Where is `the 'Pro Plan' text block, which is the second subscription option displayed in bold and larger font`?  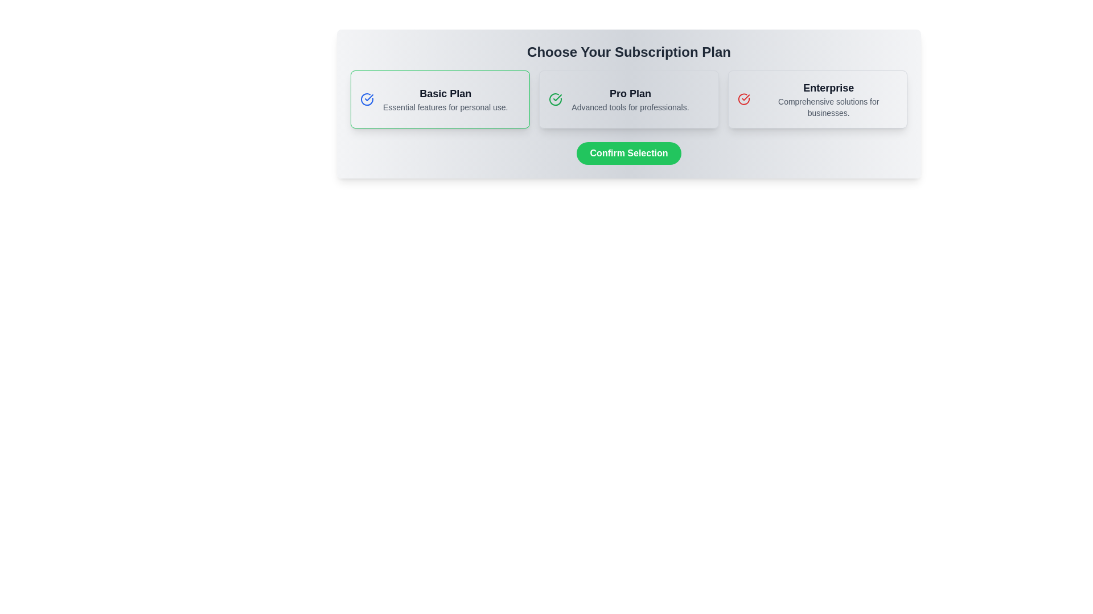 the 'Pro Plan' text block, which is the second subscription option displayed in bold and larger font is located at coordinates (630, 98).